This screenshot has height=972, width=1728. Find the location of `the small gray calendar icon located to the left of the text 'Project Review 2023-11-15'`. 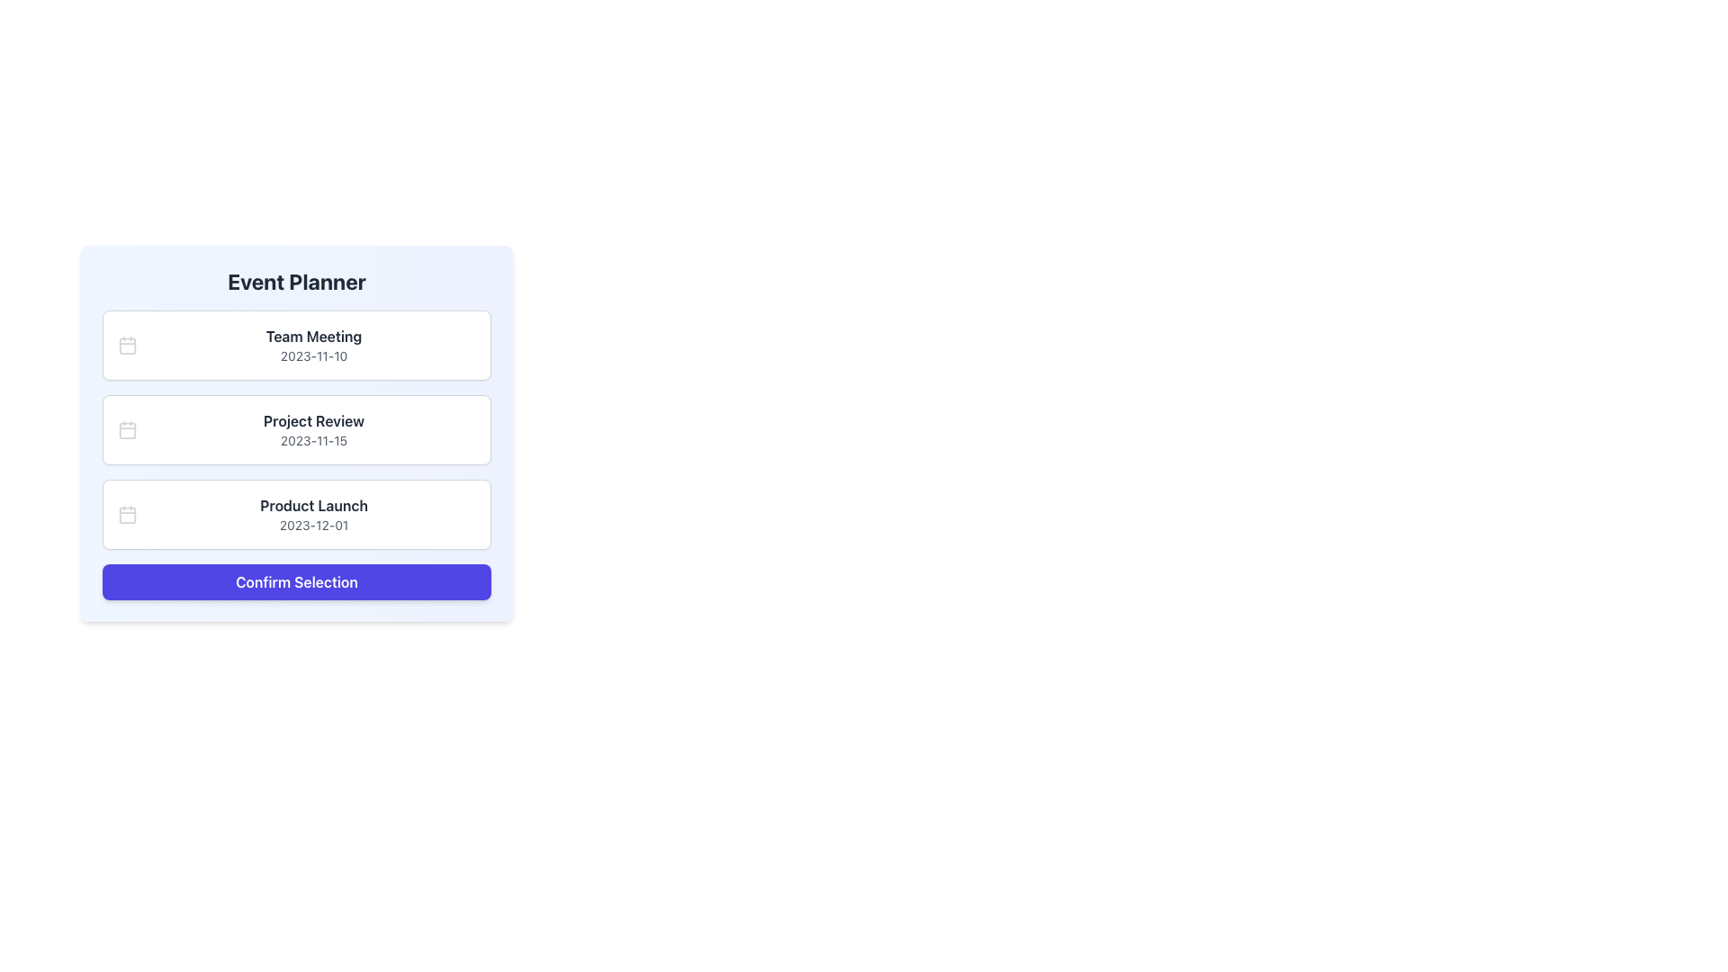

the small gray calendar icon located to the left of the text 'Project Review 2023-11-15' is located at coordinates (127, 430).